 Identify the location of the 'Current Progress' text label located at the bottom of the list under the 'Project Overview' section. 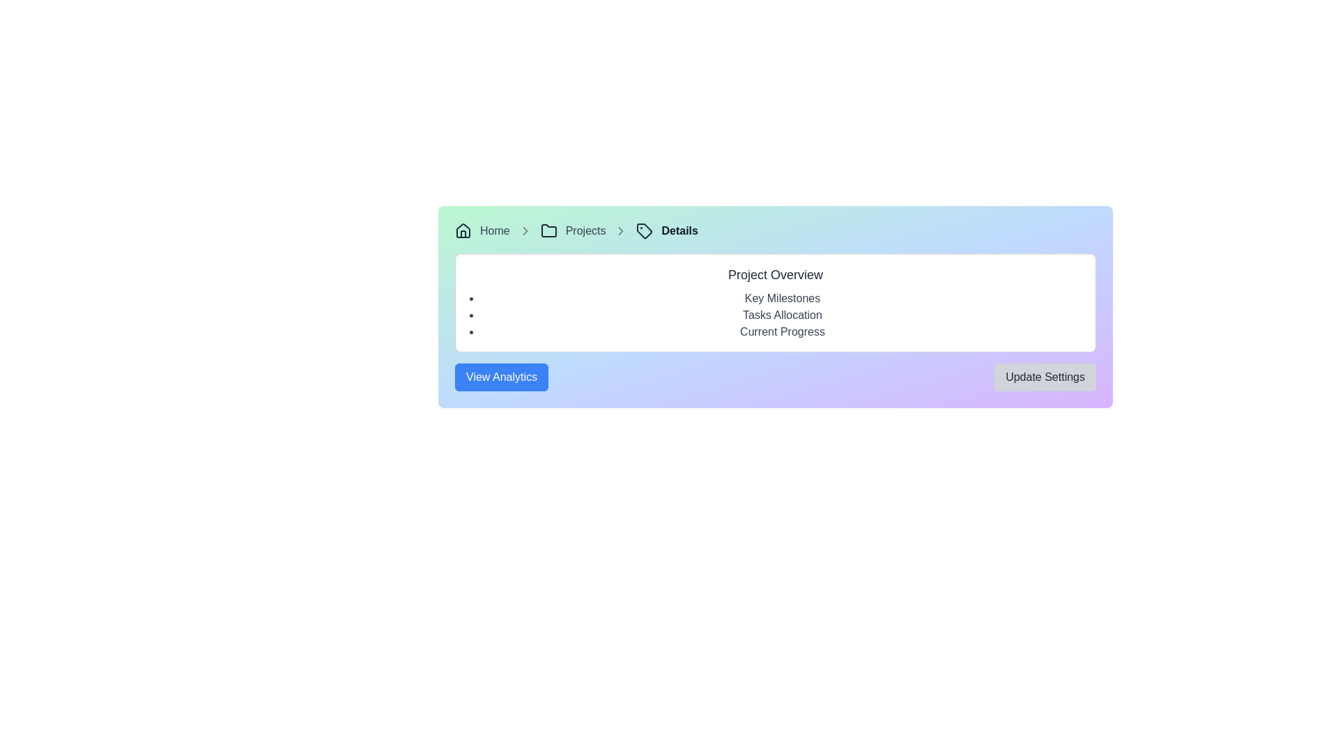
(783, 332).